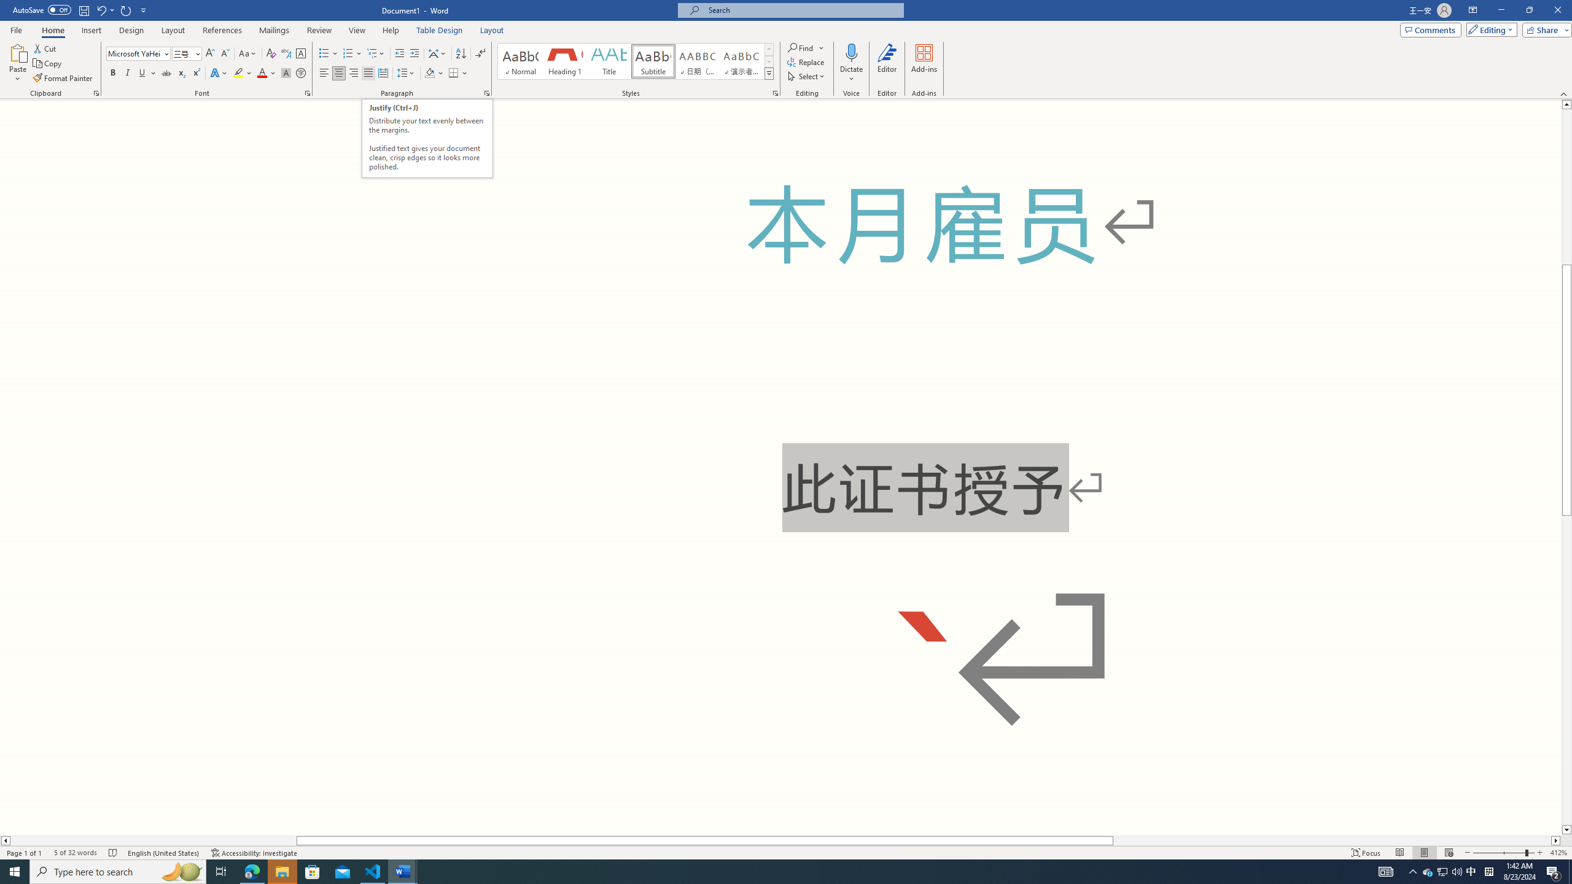 The image size is (1572, 884). Describe the element at coordinates (1503, 853) in the screenshot. I see `'Zoom'` at that location.